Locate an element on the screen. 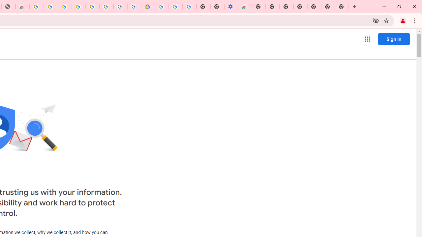 The image size is (422, 237). 'New Tab' is located at coordinates (258, 7).